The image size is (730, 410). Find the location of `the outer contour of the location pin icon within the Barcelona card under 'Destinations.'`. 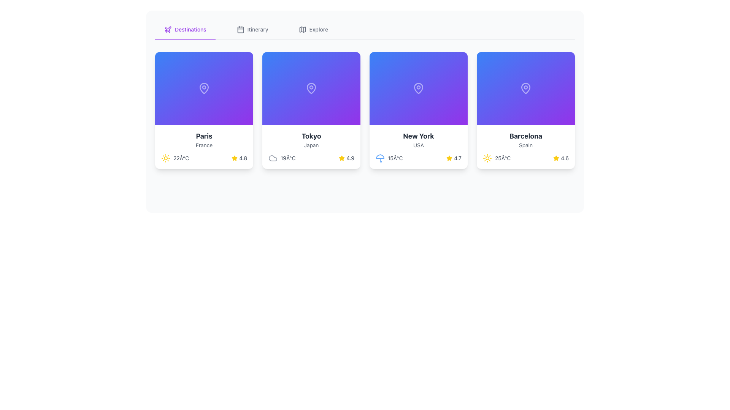

the outer contour of the location pin icon within the Barcelona card under 'Destinations.' is located at coordinates (525, 87).